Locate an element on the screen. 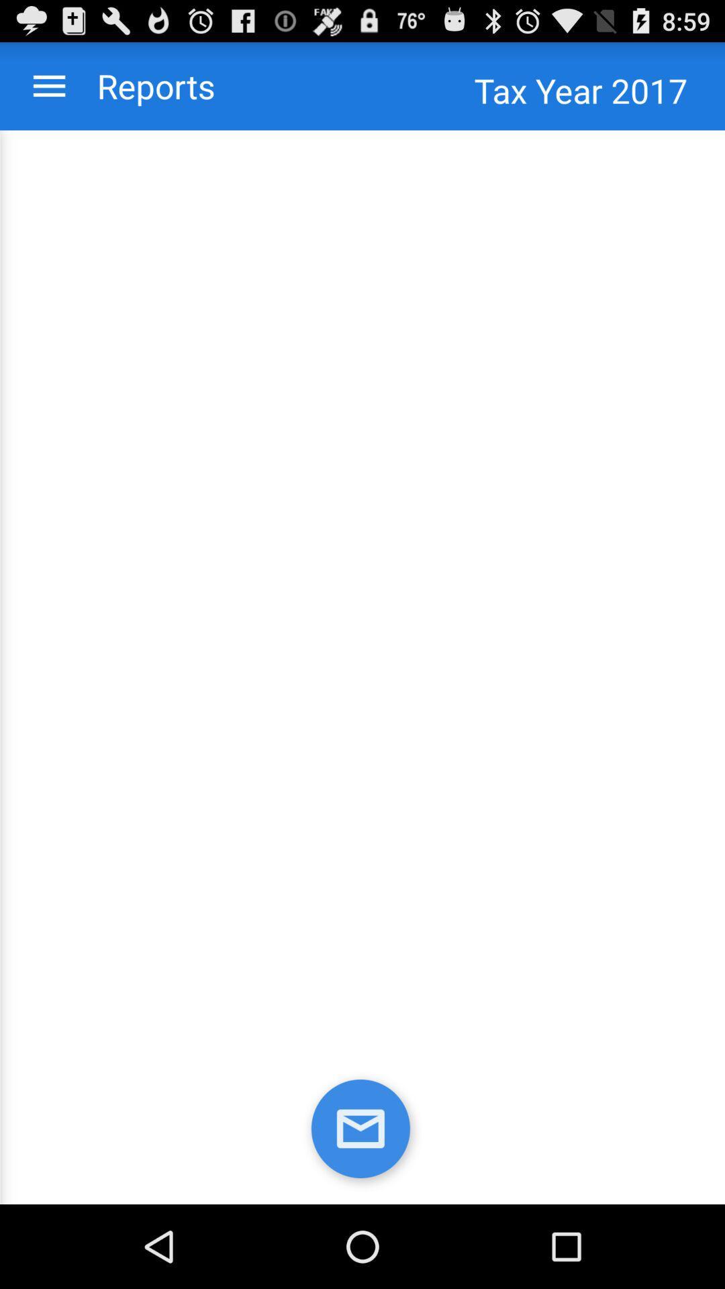 This screenshot has width=725, height=1289. inbox is located at coordinates (362, 1131).